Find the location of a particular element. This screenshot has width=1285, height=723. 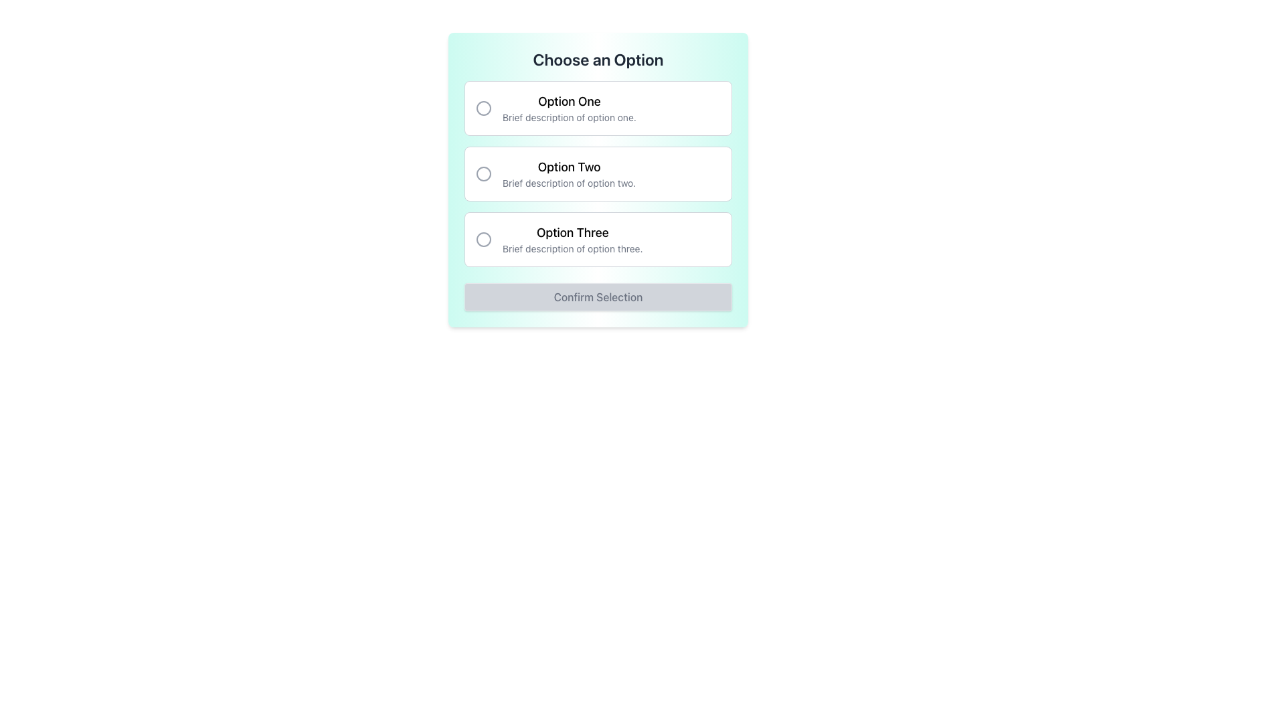

the unselected radio button for 'Option Three' is located at coordinates (483, 239).